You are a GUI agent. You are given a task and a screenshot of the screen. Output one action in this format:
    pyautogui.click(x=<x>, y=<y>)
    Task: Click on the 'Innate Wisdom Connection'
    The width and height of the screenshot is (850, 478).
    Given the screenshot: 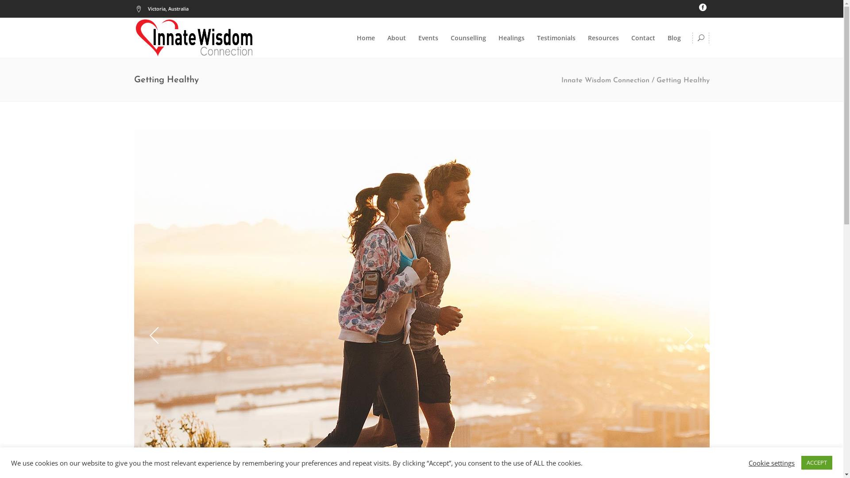 What is the action you would take?
    pyautogui.click(x=605, y=80)
    